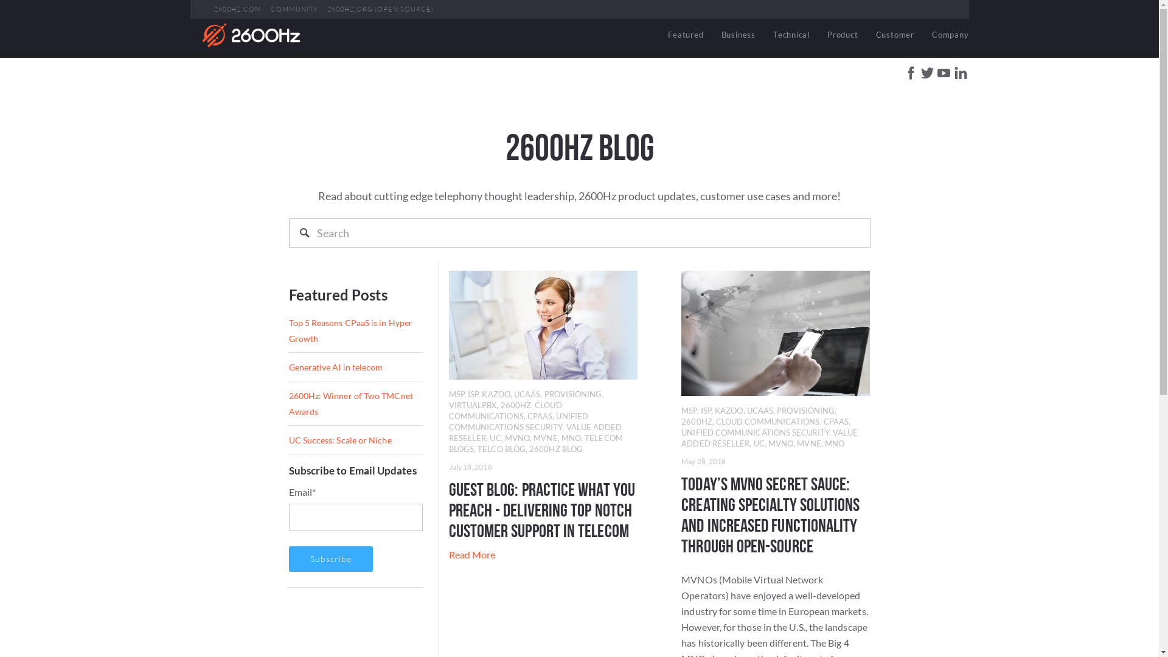  Describe the element at coordinates (456, 394) in the screenshot. I see `'MSP'` at that location.